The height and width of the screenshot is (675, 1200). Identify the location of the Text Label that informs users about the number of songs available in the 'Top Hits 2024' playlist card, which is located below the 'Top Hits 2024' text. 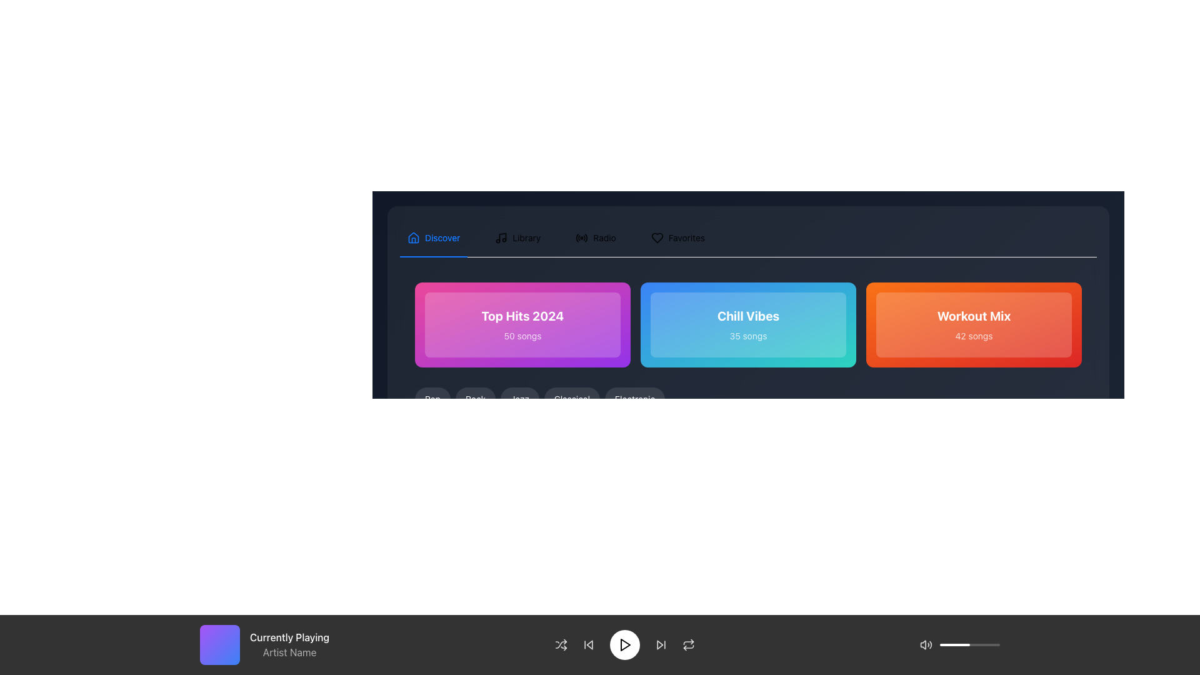
(522, 335).